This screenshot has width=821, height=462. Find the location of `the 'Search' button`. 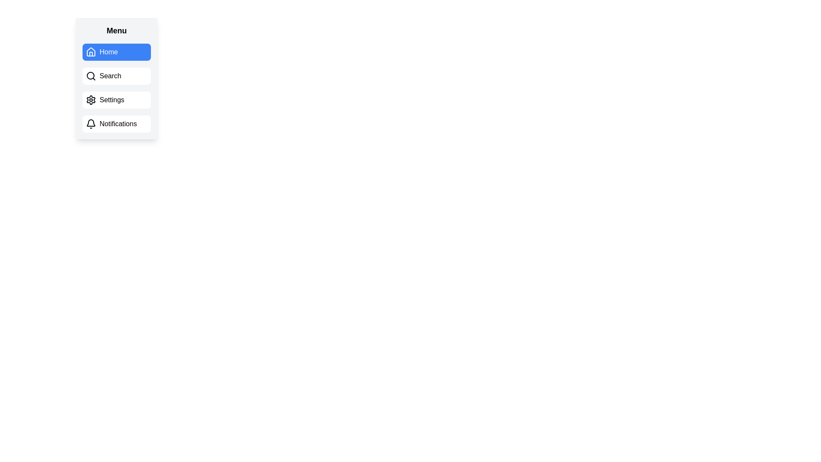

the 'Search' button is located at coordinates (116, 79).